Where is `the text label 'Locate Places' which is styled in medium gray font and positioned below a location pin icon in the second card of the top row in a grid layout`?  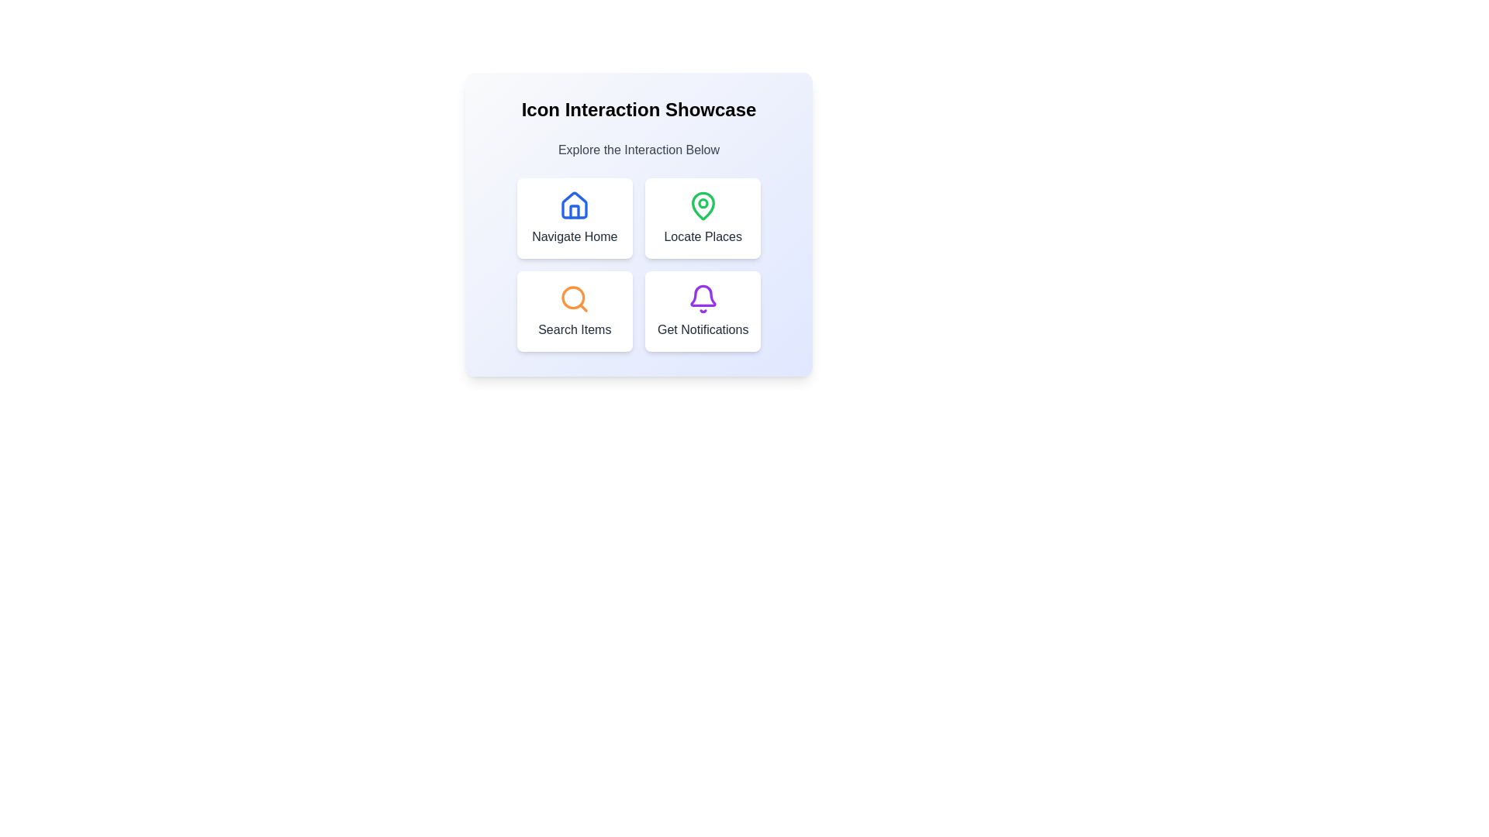
the text label 'Locate Places' which is styled in medium gray font and positioned below a location pin icon in the second card of the top row in a grid layout is located at coordinates (702, 236).